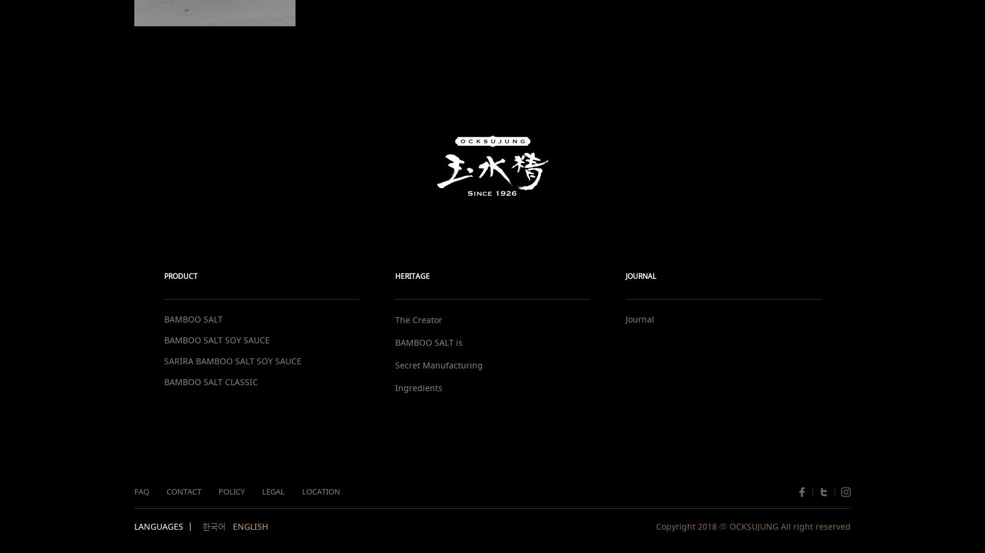 This screenshot has width=985, height=553. What do you see at coordinates (321, 491) in the screenshot?
I see `'LOCATION'` at bounding box center [321, 491].